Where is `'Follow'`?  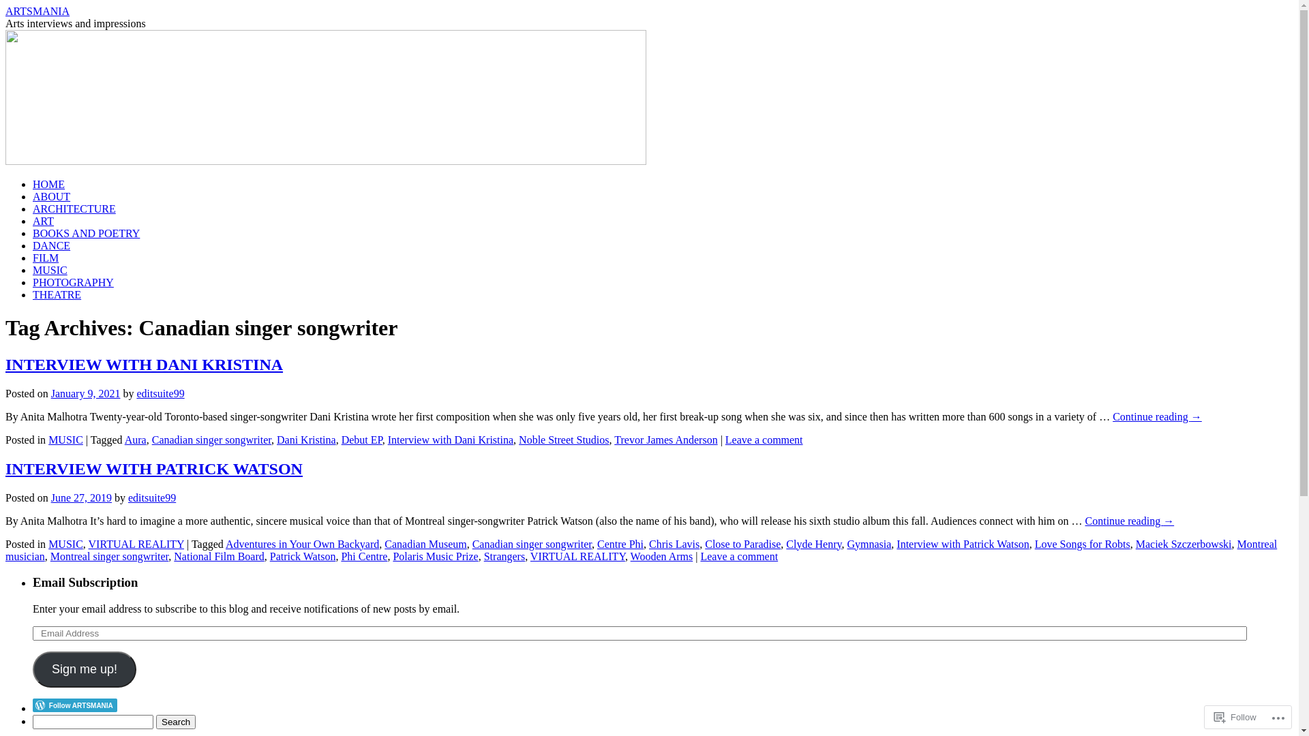 'Follow' is located at coordinates (1235, 716).